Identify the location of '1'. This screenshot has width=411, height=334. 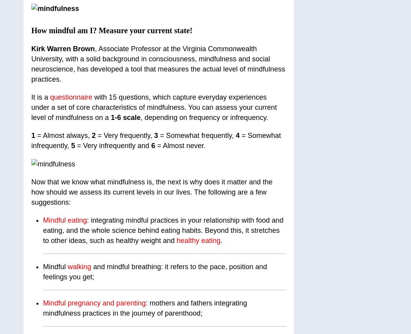
(31, 135).